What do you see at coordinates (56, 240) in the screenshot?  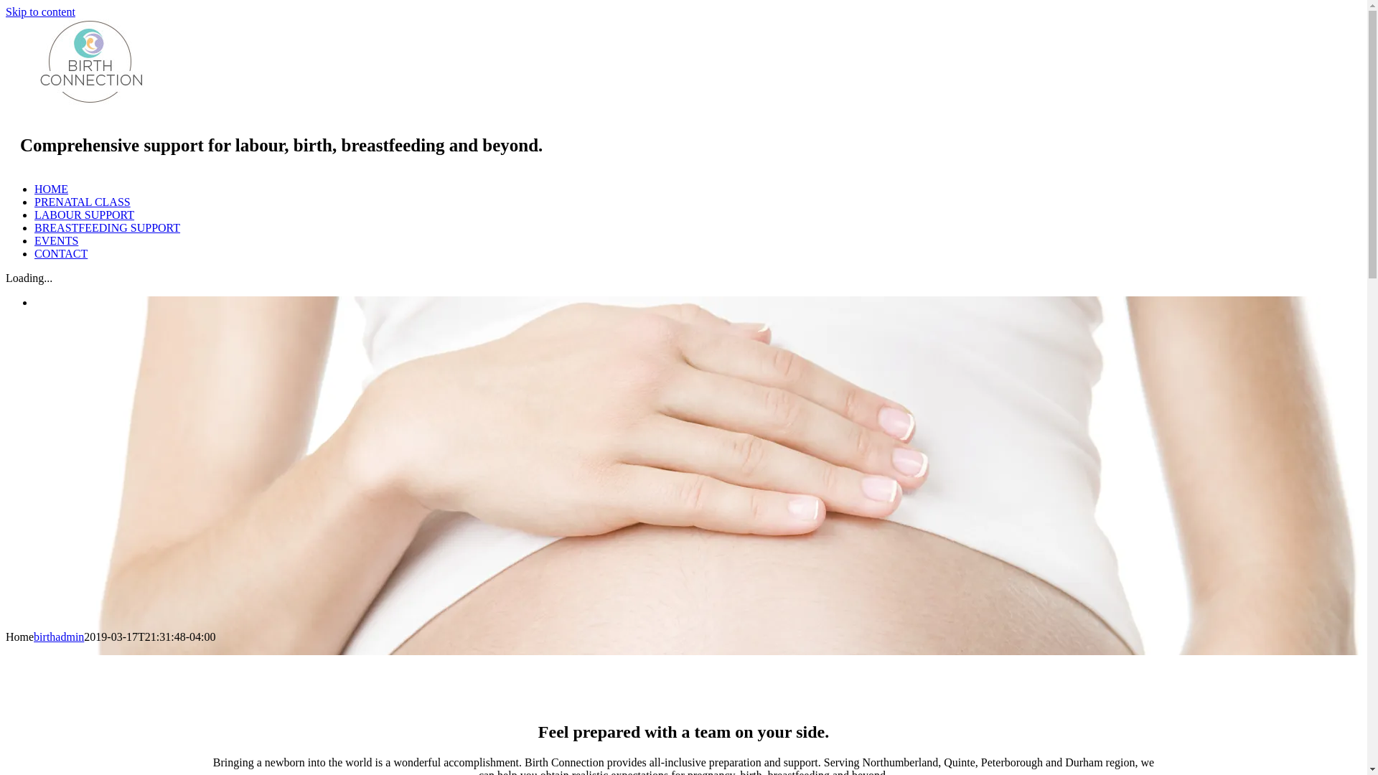 I see `'EVENTS'` at bounding box center [56, 240].